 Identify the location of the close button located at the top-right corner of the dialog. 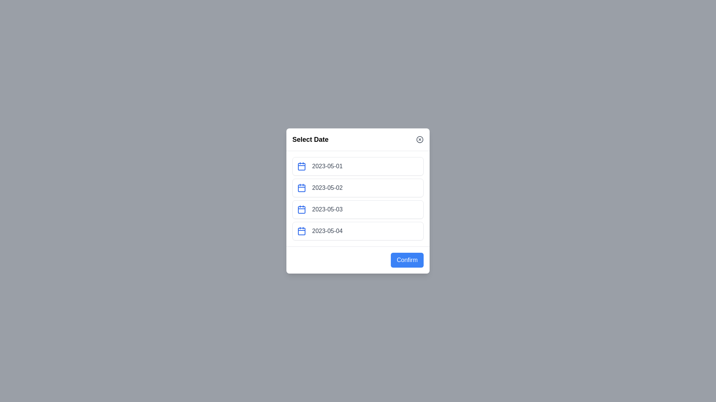
(420, 139).